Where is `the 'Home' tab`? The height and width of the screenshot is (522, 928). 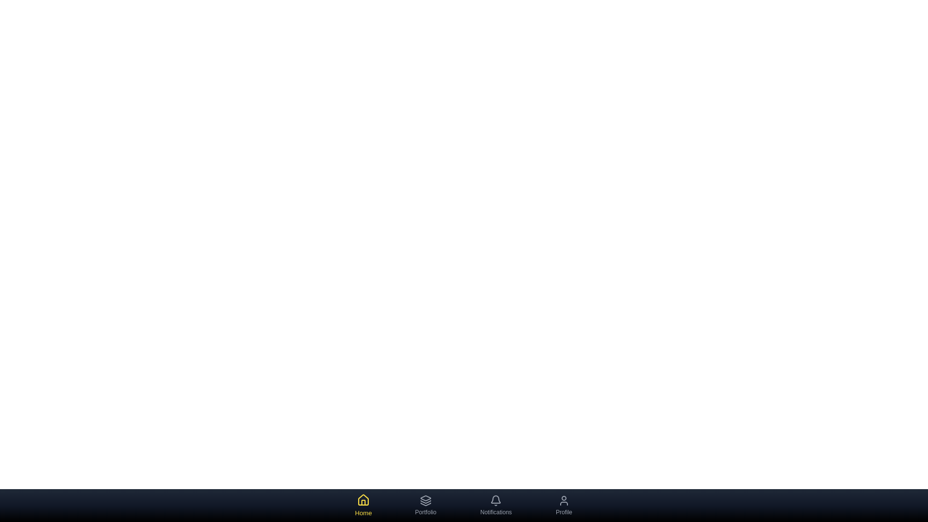 the 'Home' tab is located at coordinates (363, 505).